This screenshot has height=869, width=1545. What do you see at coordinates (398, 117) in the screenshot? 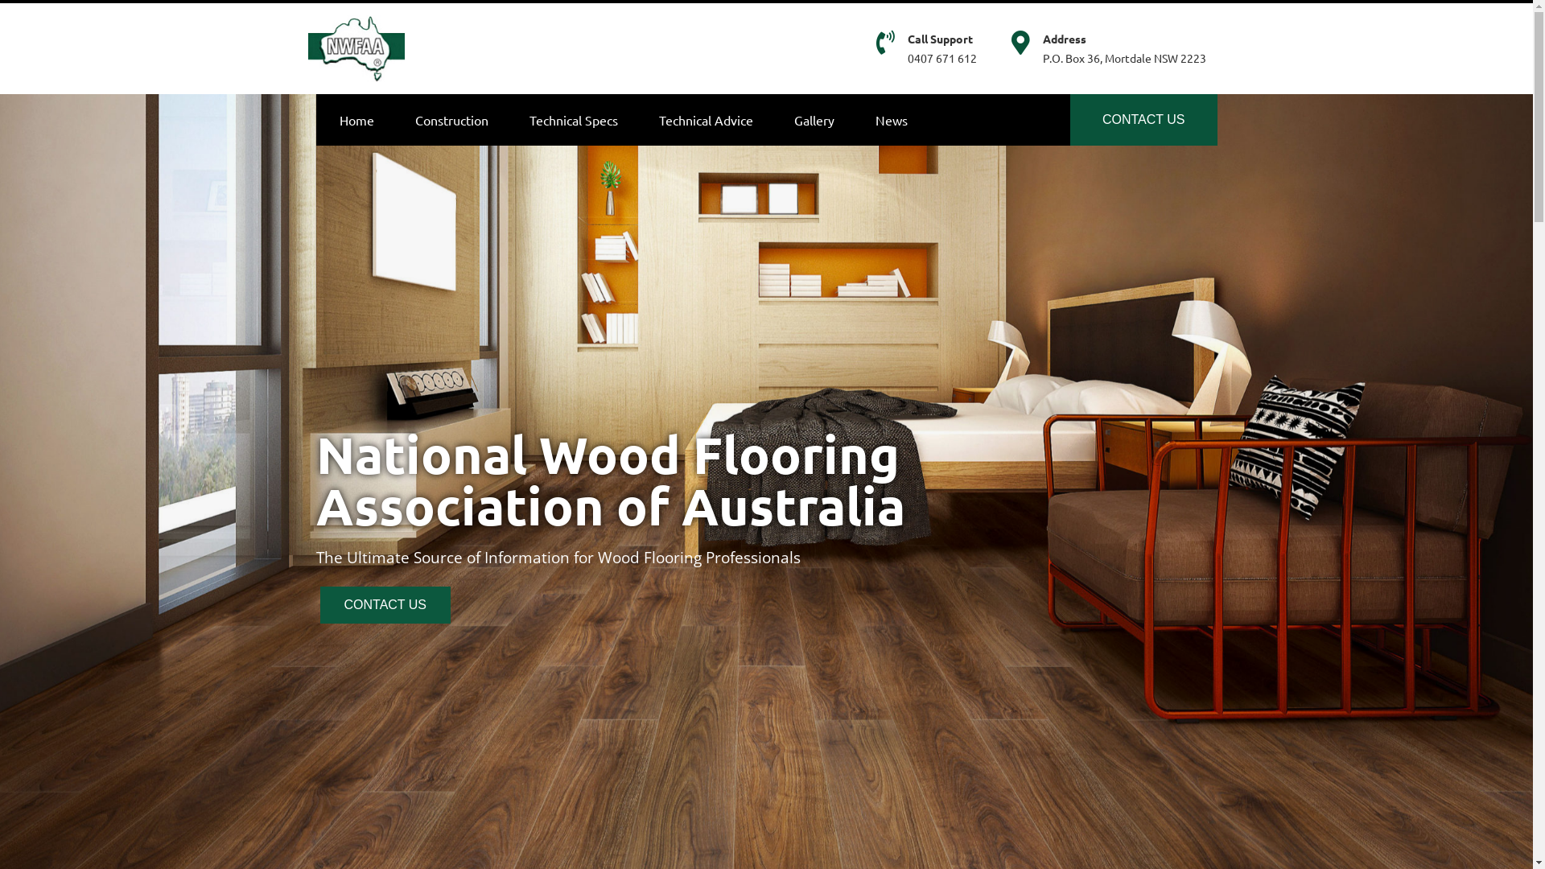
I see `'Construction'` at bounding box center [398, 117].